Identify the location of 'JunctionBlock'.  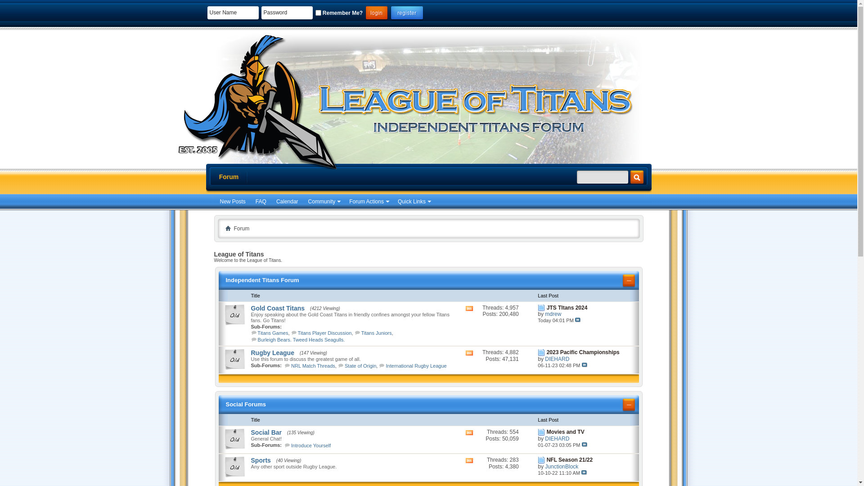
(561, 466).